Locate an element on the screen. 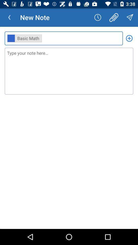 The height and width of the screenshot is (245, 138). the icon above ,,  item is located at coordinates (114, 17).